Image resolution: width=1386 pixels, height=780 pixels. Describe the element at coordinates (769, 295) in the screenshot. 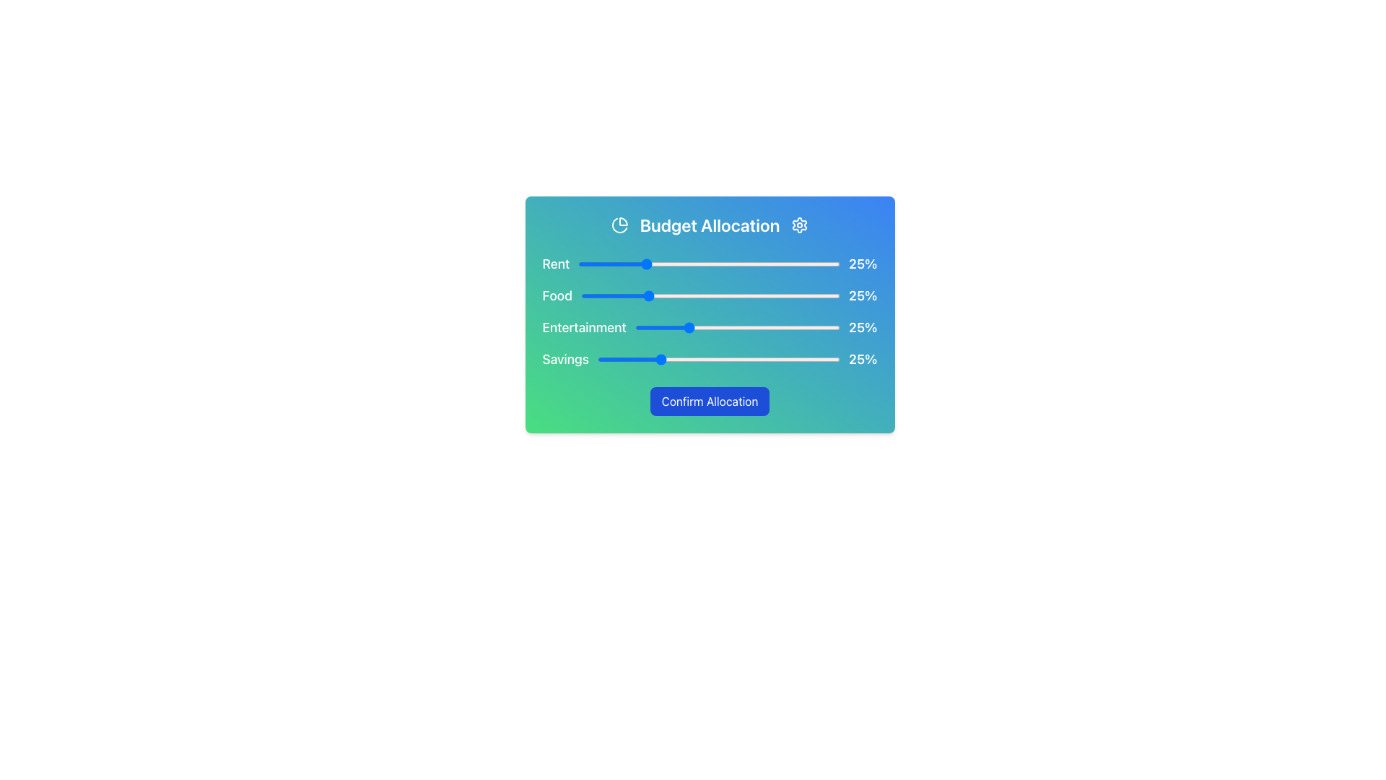

I see `the Food allocation slider` at that location.